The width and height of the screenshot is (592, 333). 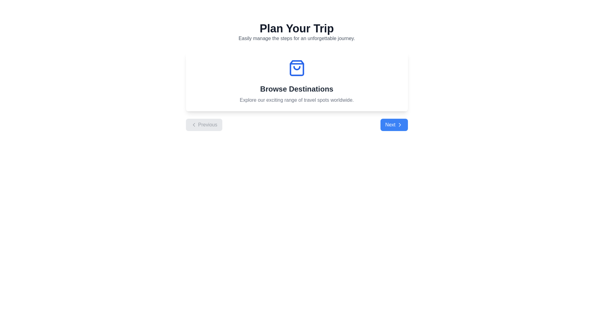 I want to click on text of the primary heading located at the top center of the interface, which indicates the core purpose of the trip planning feature, so click(x=297, y=28).